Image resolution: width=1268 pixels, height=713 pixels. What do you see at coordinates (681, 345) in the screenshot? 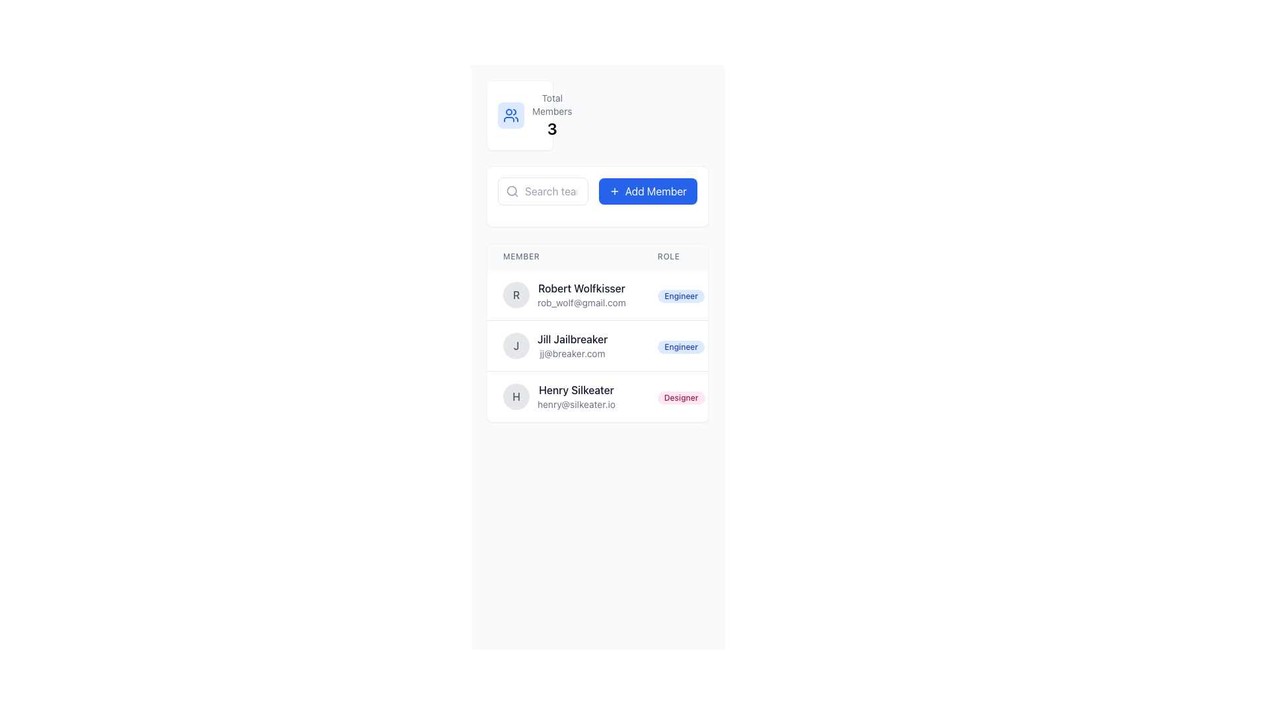
I see `the 'Role' label for 'Jill Jailbreaker' in the member list table, which indicates her position and is located to the right of her name and email` at bounding box center [681, 345].